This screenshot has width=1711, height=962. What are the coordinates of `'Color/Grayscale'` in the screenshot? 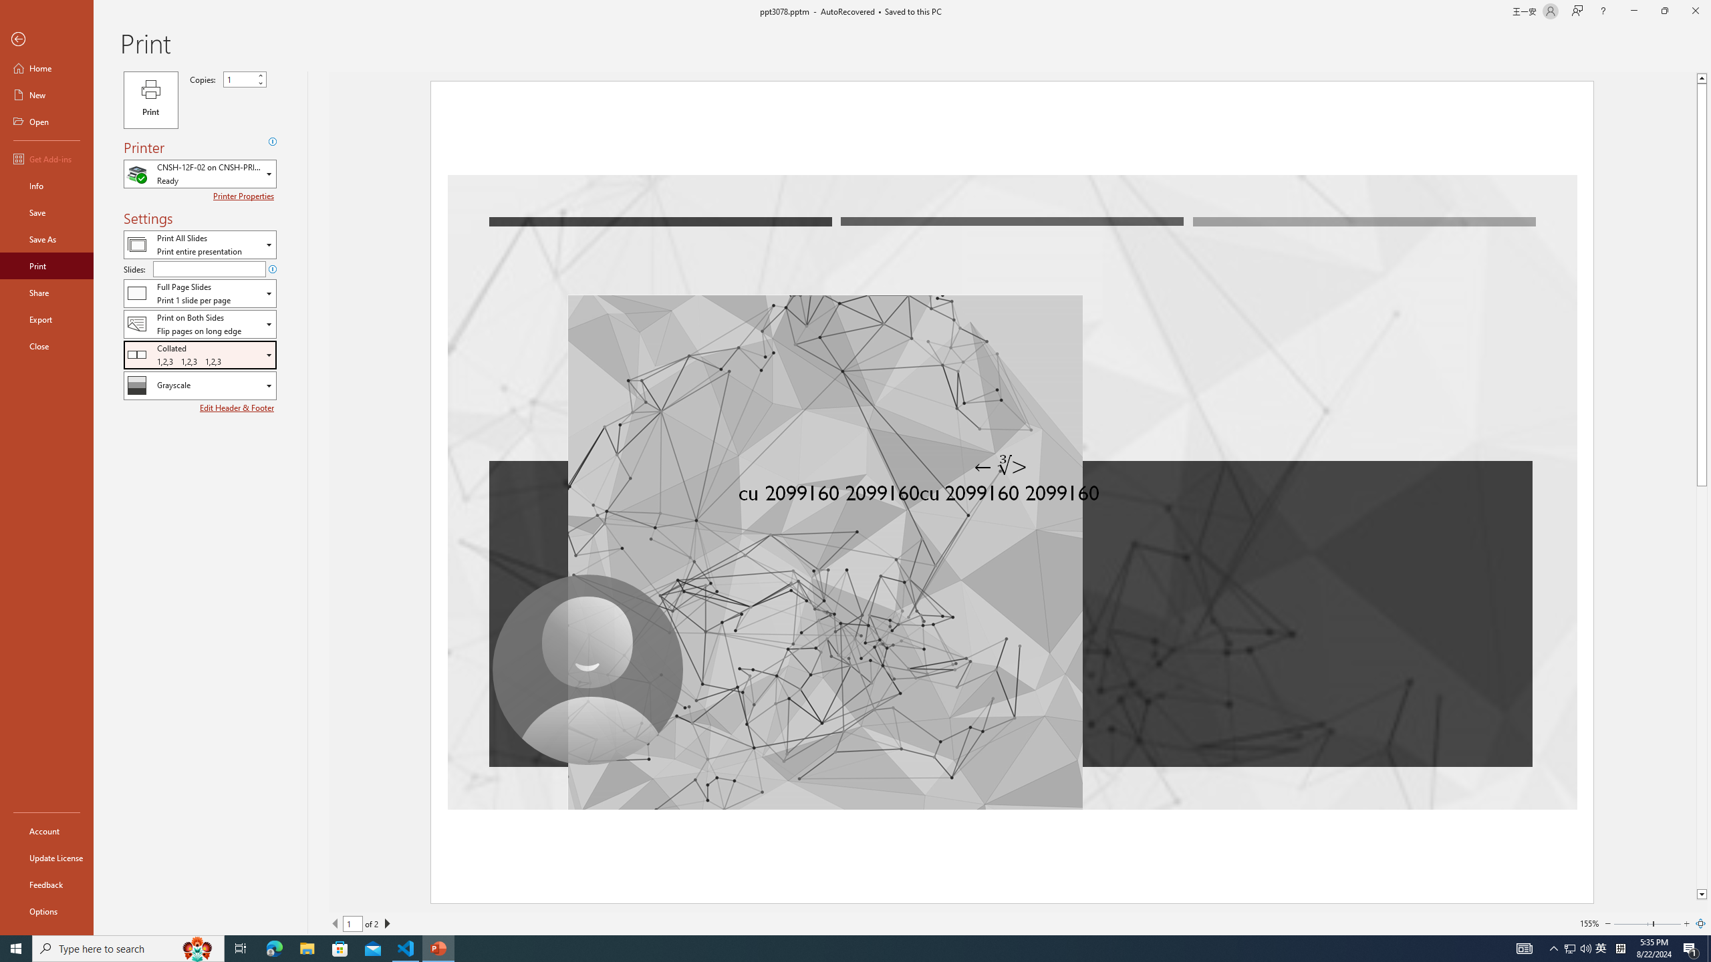 It's located at (199, 385).